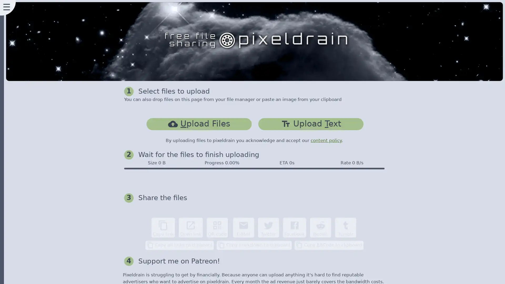  I want to click on Tumblr, so click(381, 227).